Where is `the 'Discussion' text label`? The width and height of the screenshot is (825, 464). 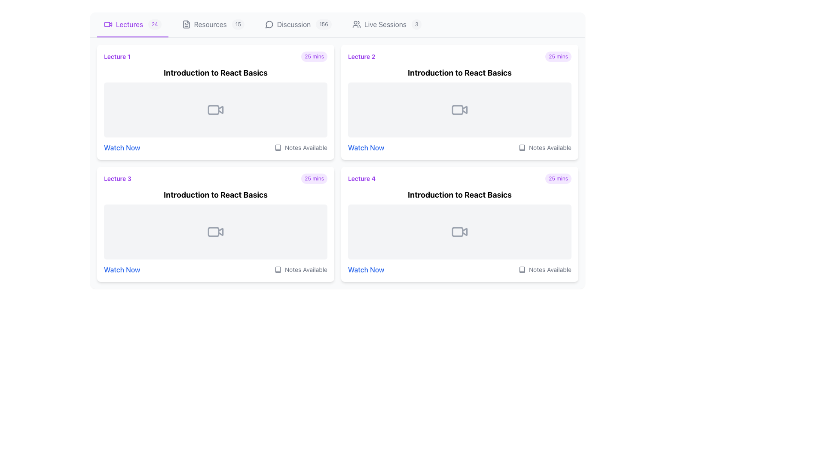
the 'Discussion' text label is located at coordinates (294, 24).